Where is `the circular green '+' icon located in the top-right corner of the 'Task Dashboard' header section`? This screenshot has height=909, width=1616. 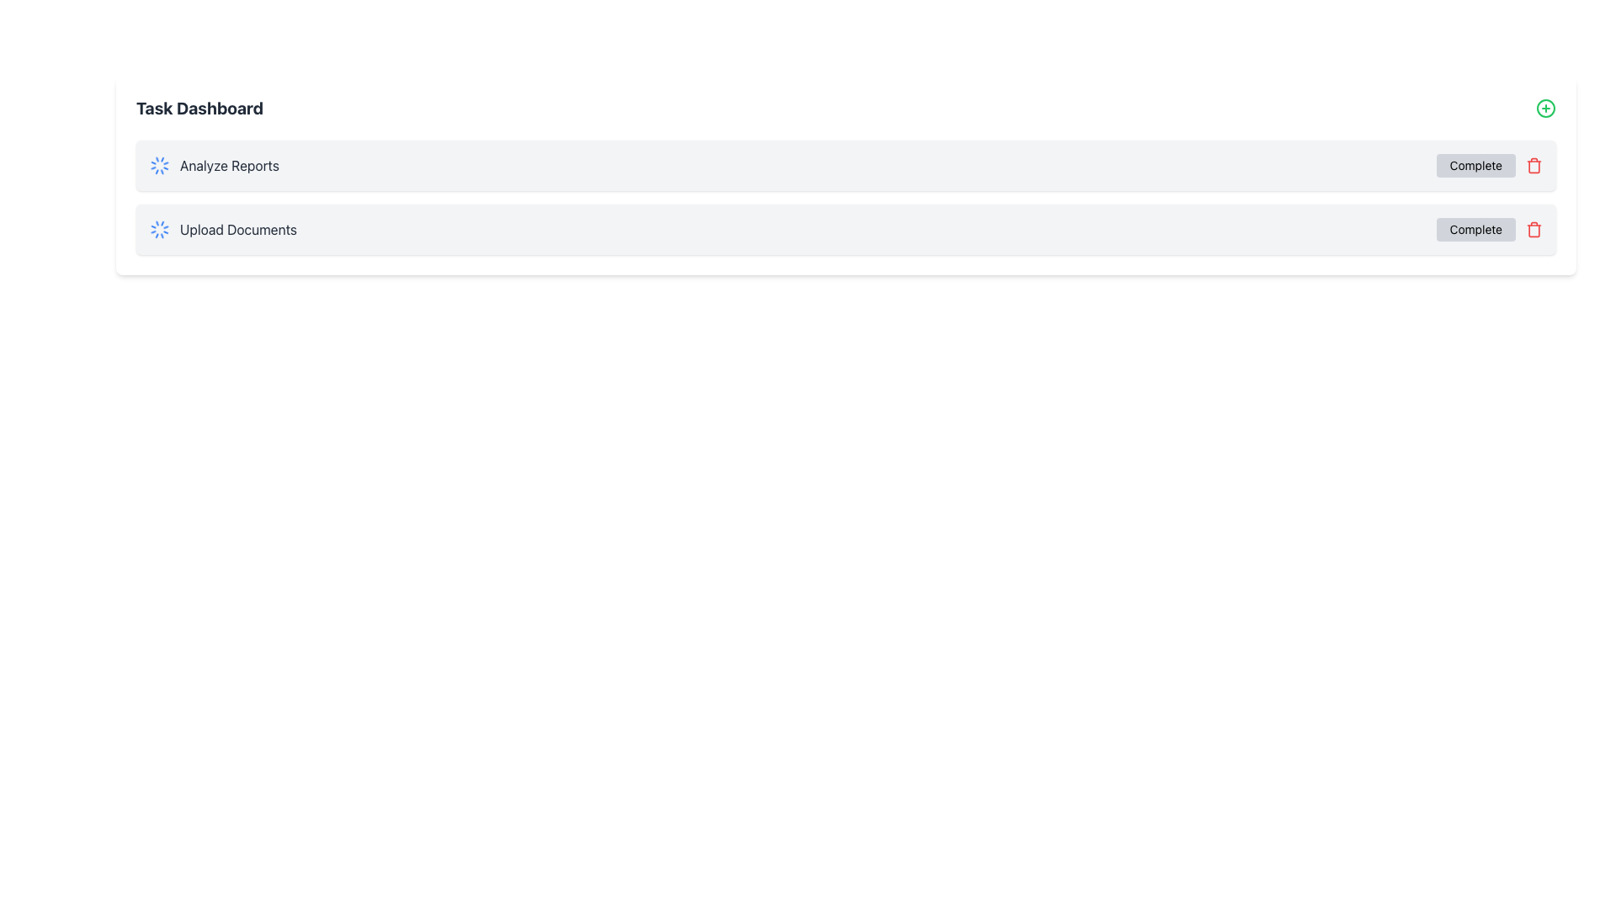
the circular green '+' icon located in the top-right corner of the 'Task Dashboard' header section is located at coordinates (1546, 108).